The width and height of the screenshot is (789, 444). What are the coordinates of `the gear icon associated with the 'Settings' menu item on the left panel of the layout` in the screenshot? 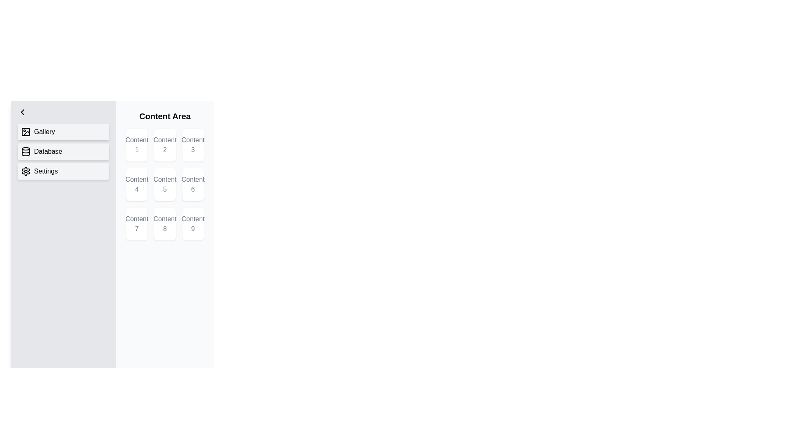 It's located at (25, 171).